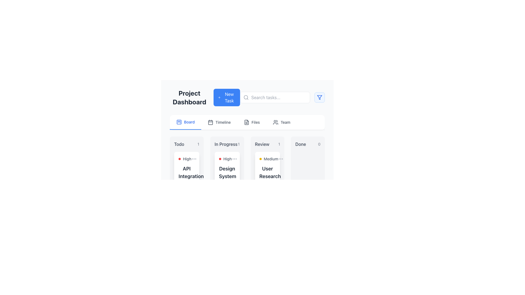 The height and width of the screenshot is (295, 525). Describe the element at coordinates (320, 97) in the screenshot. I see `the decorative funnel icon element that represents filtering or sorting functionality, located in the upper-right corner of the application interface` at that location.